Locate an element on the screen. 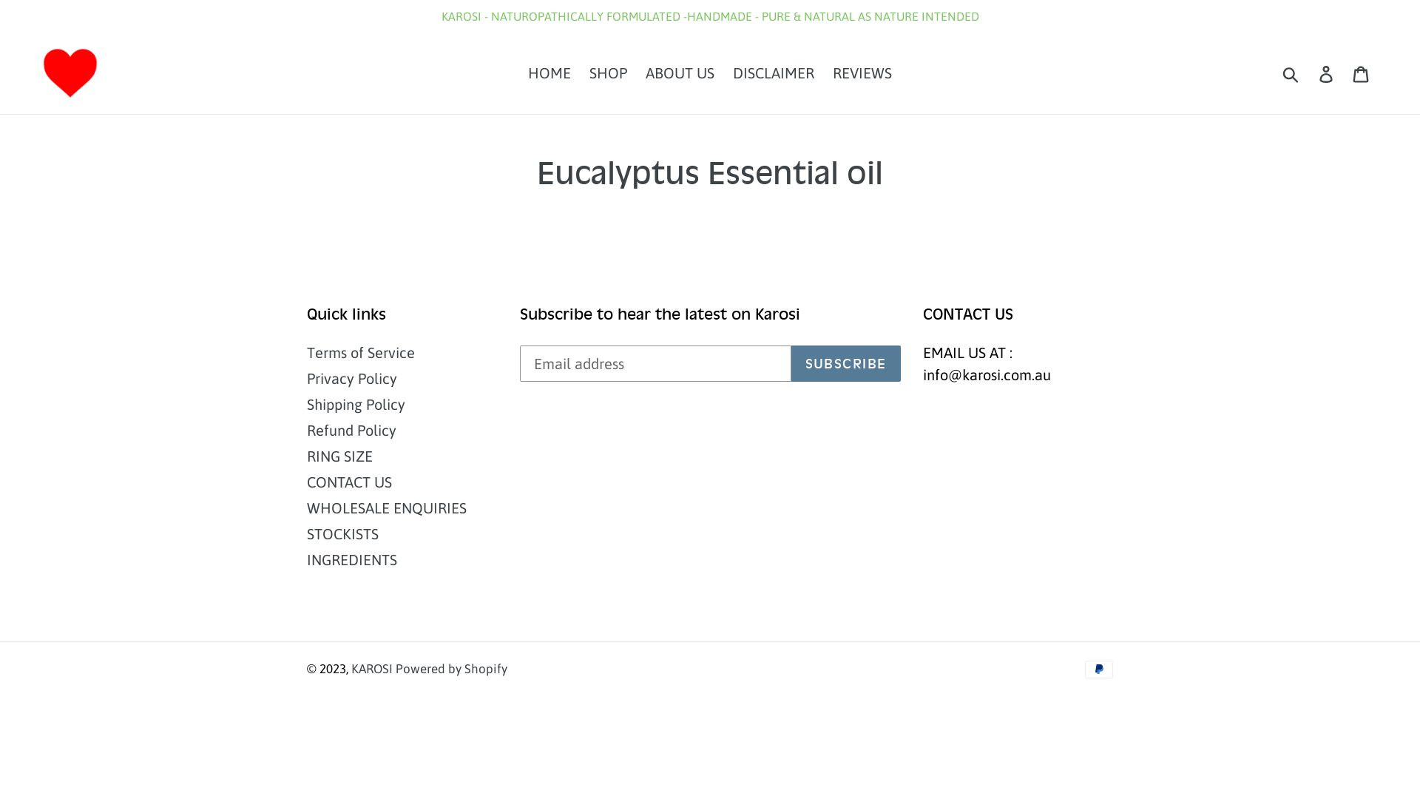 This screenshot has width=1420, height=799. 'WHOLESALE ENQUIRIES' is located at coordinates (387, 507).